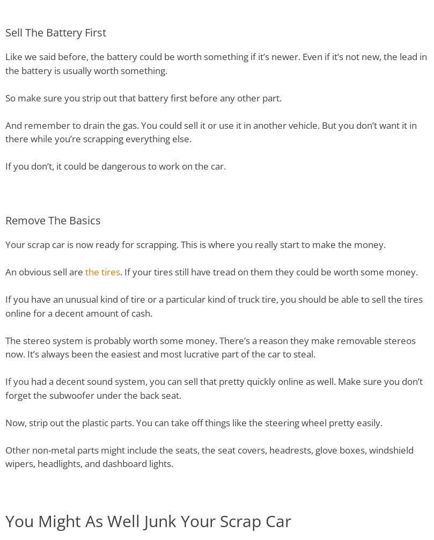 The height and width of the screenshot is (540, 434). What do you see at coordinates (5, 421) in the screenshot?
I see `'Now, strip out the plastic parts. You can take off things like the steering wheel pretty easily.'` at bounding box center [5, 421].